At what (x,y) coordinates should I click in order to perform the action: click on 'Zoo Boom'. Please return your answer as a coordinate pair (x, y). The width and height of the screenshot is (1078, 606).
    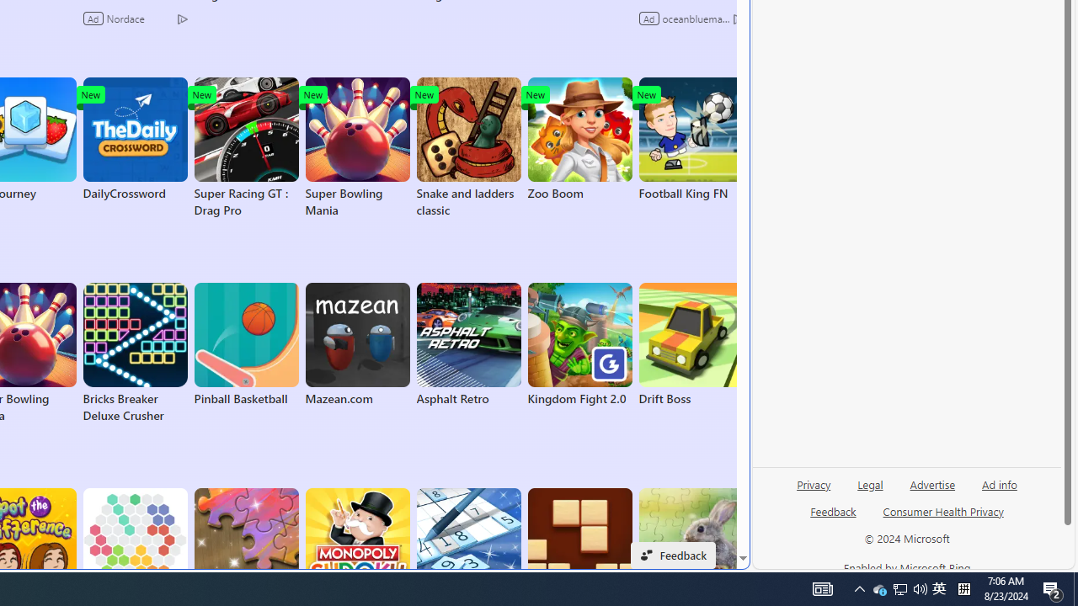
    Looking at the image, I should click on (579, 138).